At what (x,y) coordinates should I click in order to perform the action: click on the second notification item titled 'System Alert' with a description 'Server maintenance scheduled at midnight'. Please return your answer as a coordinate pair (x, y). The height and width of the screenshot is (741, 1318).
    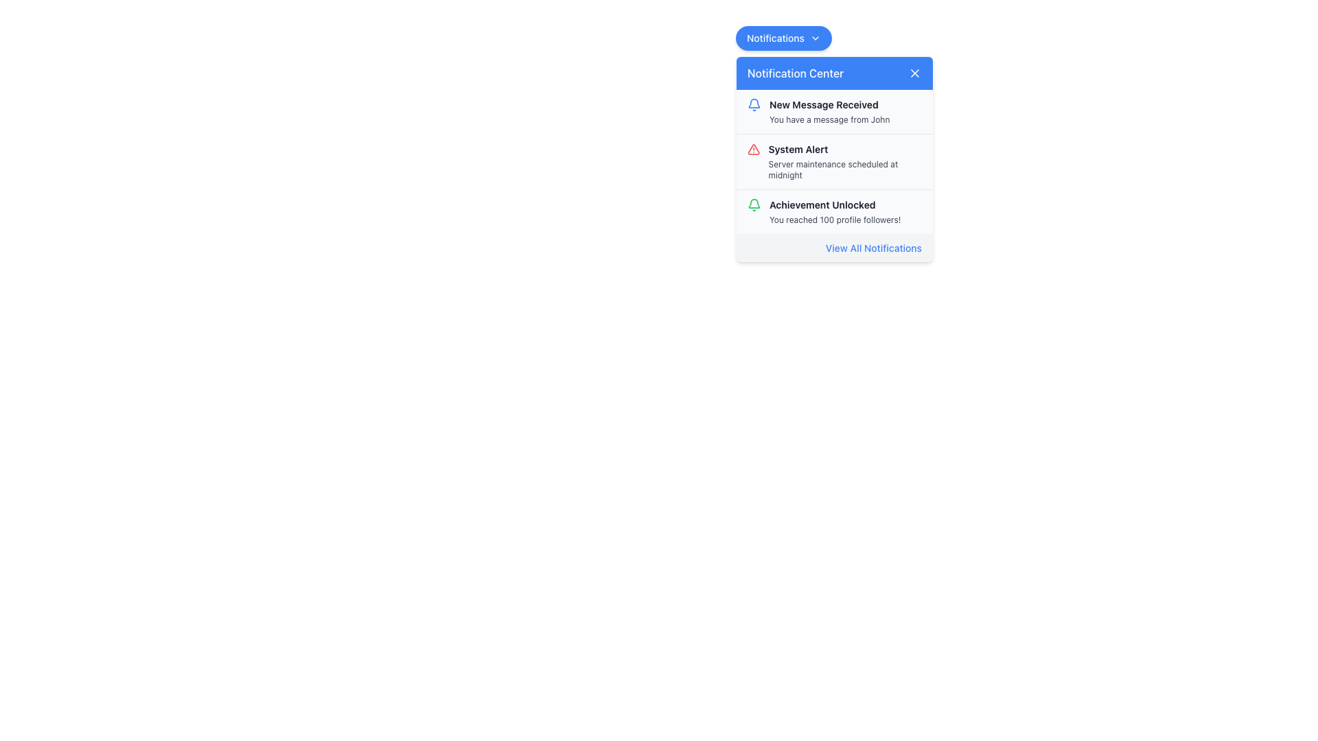
    Looking at the image, I should click on (833, 158).